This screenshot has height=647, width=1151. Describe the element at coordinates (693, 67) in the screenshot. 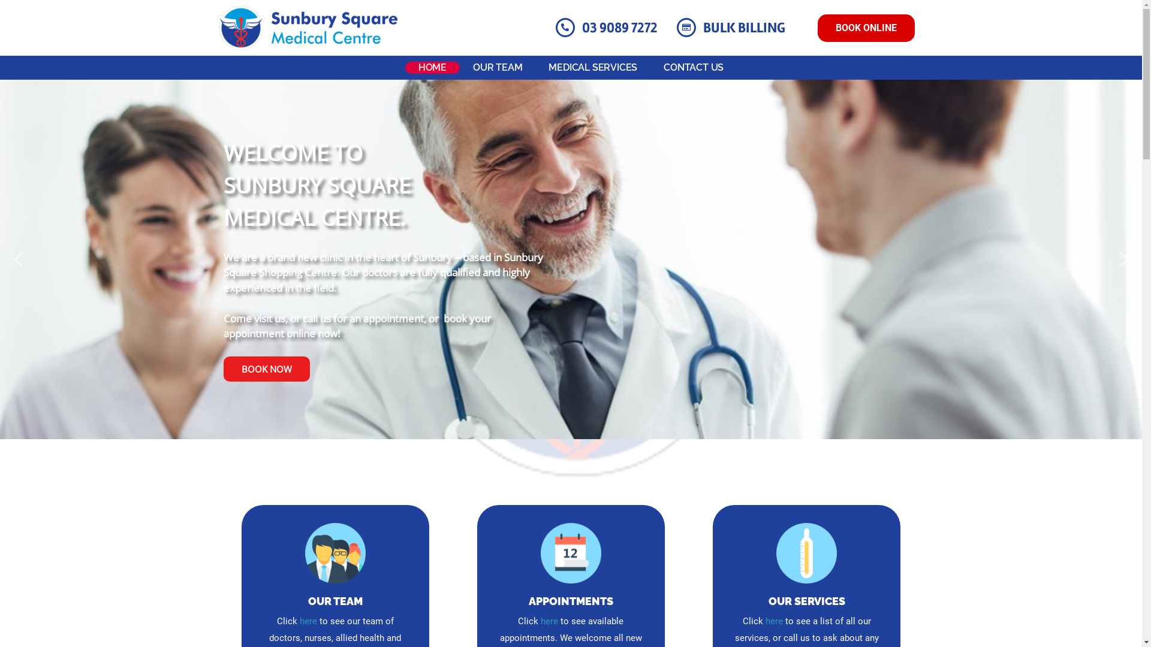

I see `'CONTACT US'` at that location.